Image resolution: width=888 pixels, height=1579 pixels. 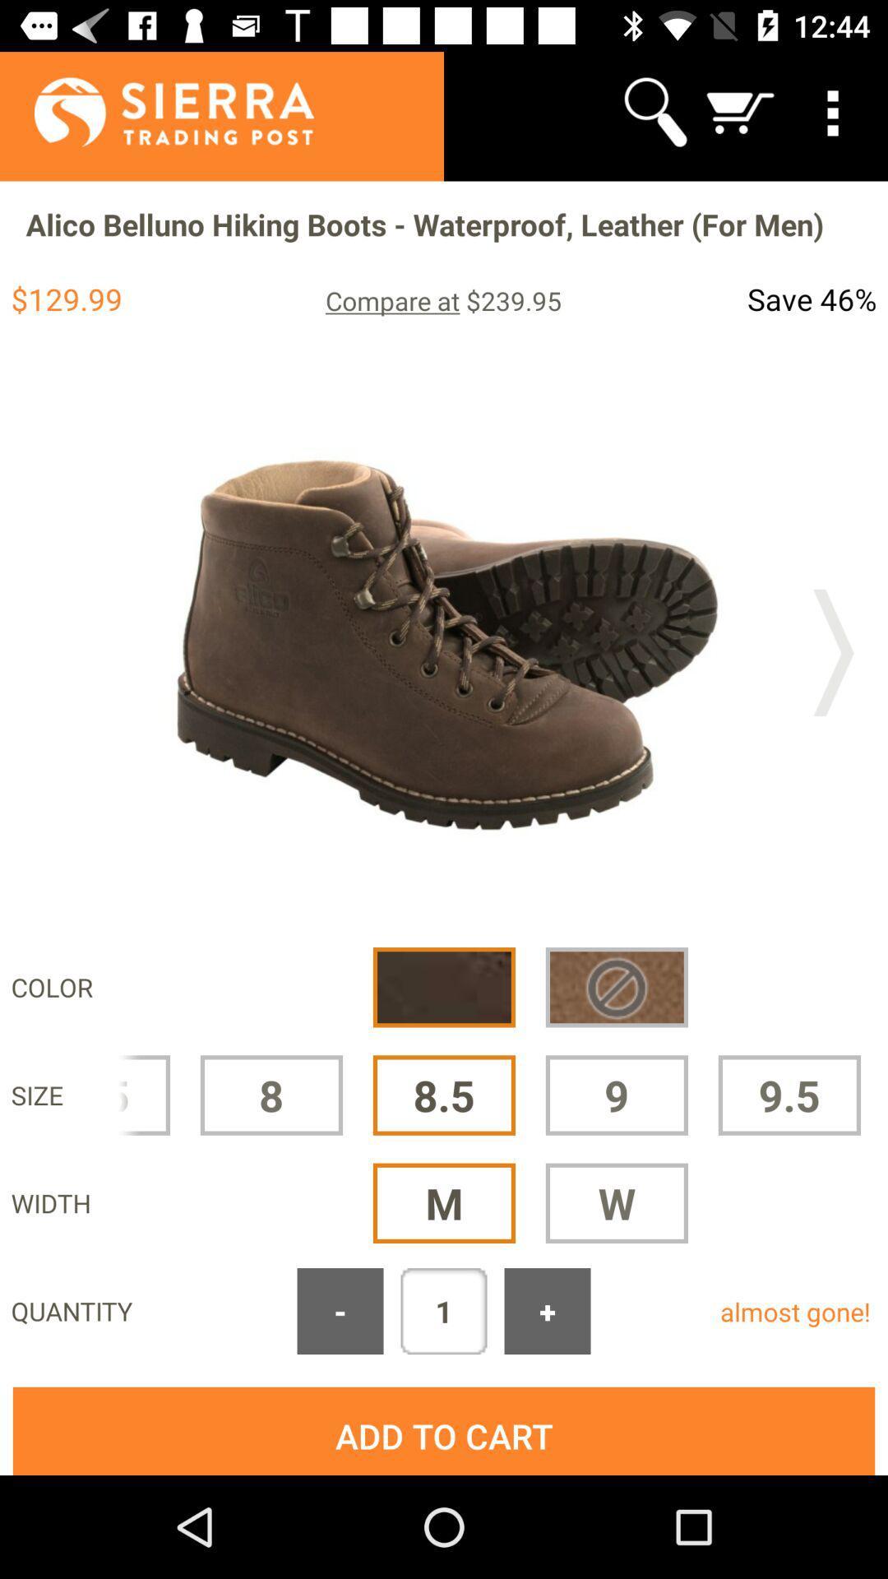 I want to click on the app above the alico belluno hiking item, so click(x=156, y=111).